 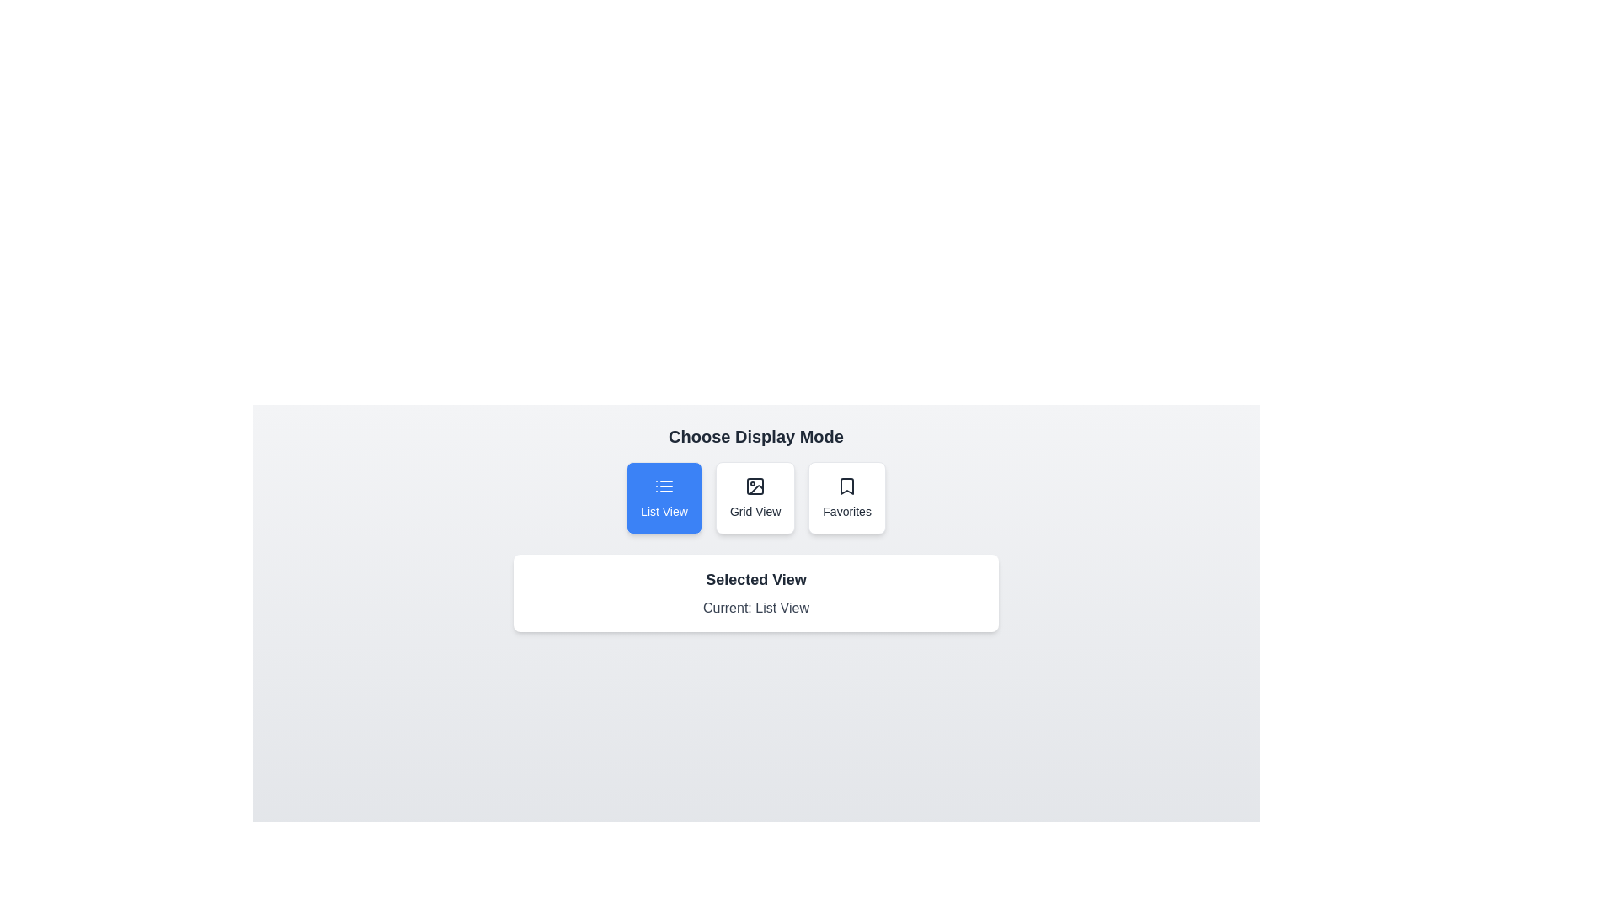 What do you see at coordinates (847, 497) in the screenshot?
I see `the view option Favorites by clicking on its button` at bounding box center [847, 497].